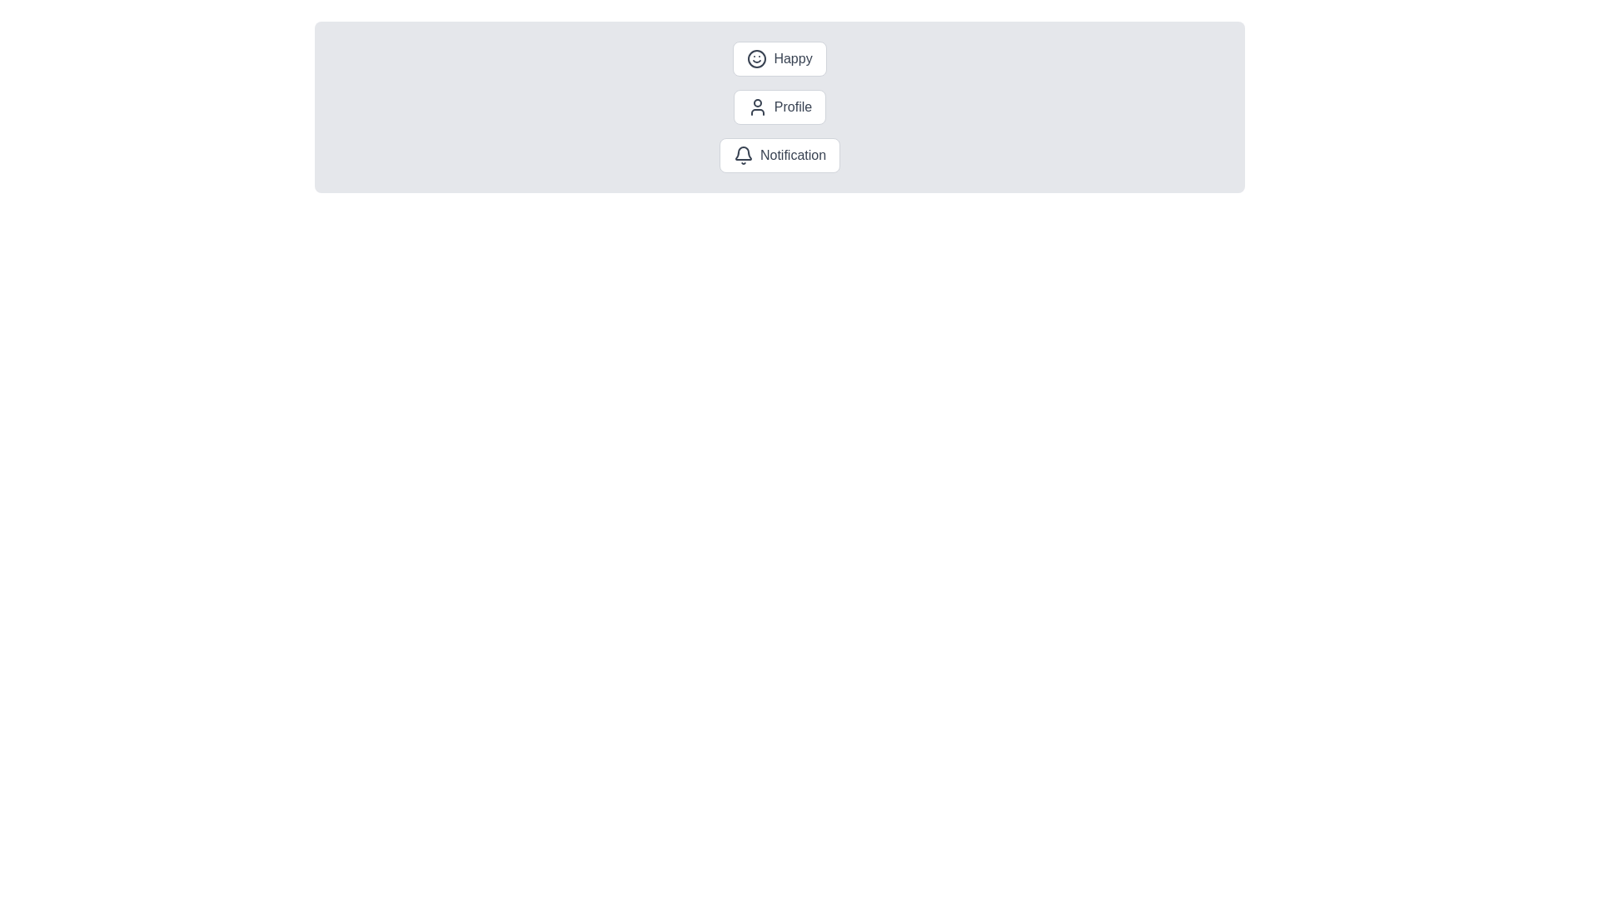 The height and width of the screenshot is (899, 1599). I want to click on the chip labeled Profile to activate it, so click(779, 107).